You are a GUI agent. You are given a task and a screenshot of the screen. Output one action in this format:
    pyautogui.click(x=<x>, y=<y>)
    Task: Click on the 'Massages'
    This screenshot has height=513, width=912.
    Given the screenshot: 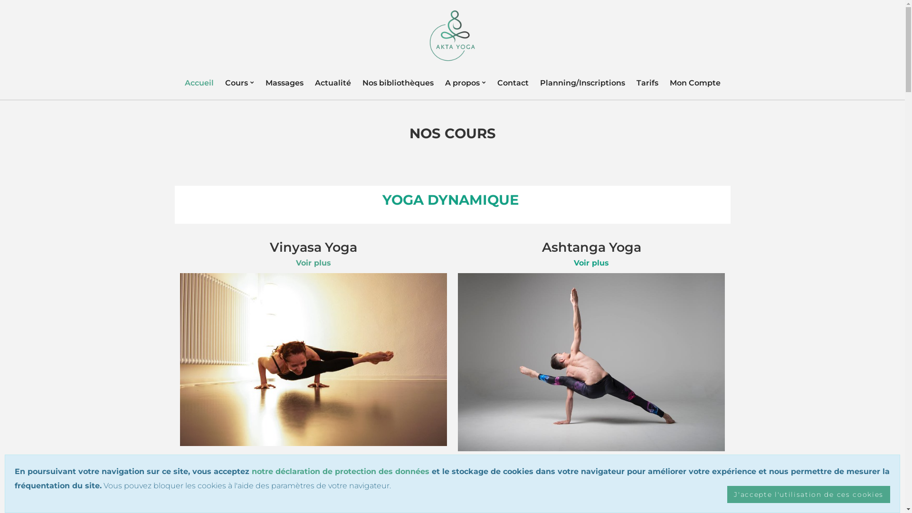 What is the action you would take?
    pyautogui.click(x=260, y=82)
    